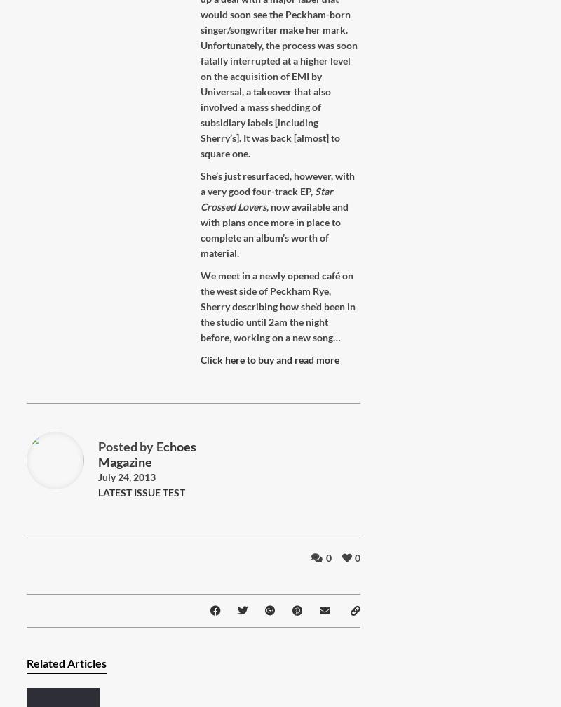 The width and height of the screenshot is (561, 707). What do you see at coordinates (266, 199) in the screenshot?
I see `'Star Crossed Lovers'` at bounding box center [266, 199].